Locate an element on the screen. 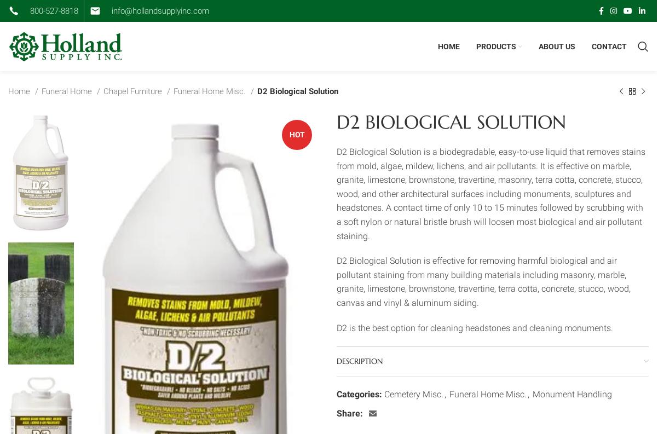 The width and height of the screenshot is (658, 434). 'Cast Aluminum Signs' is located at coordinates (605, 136).